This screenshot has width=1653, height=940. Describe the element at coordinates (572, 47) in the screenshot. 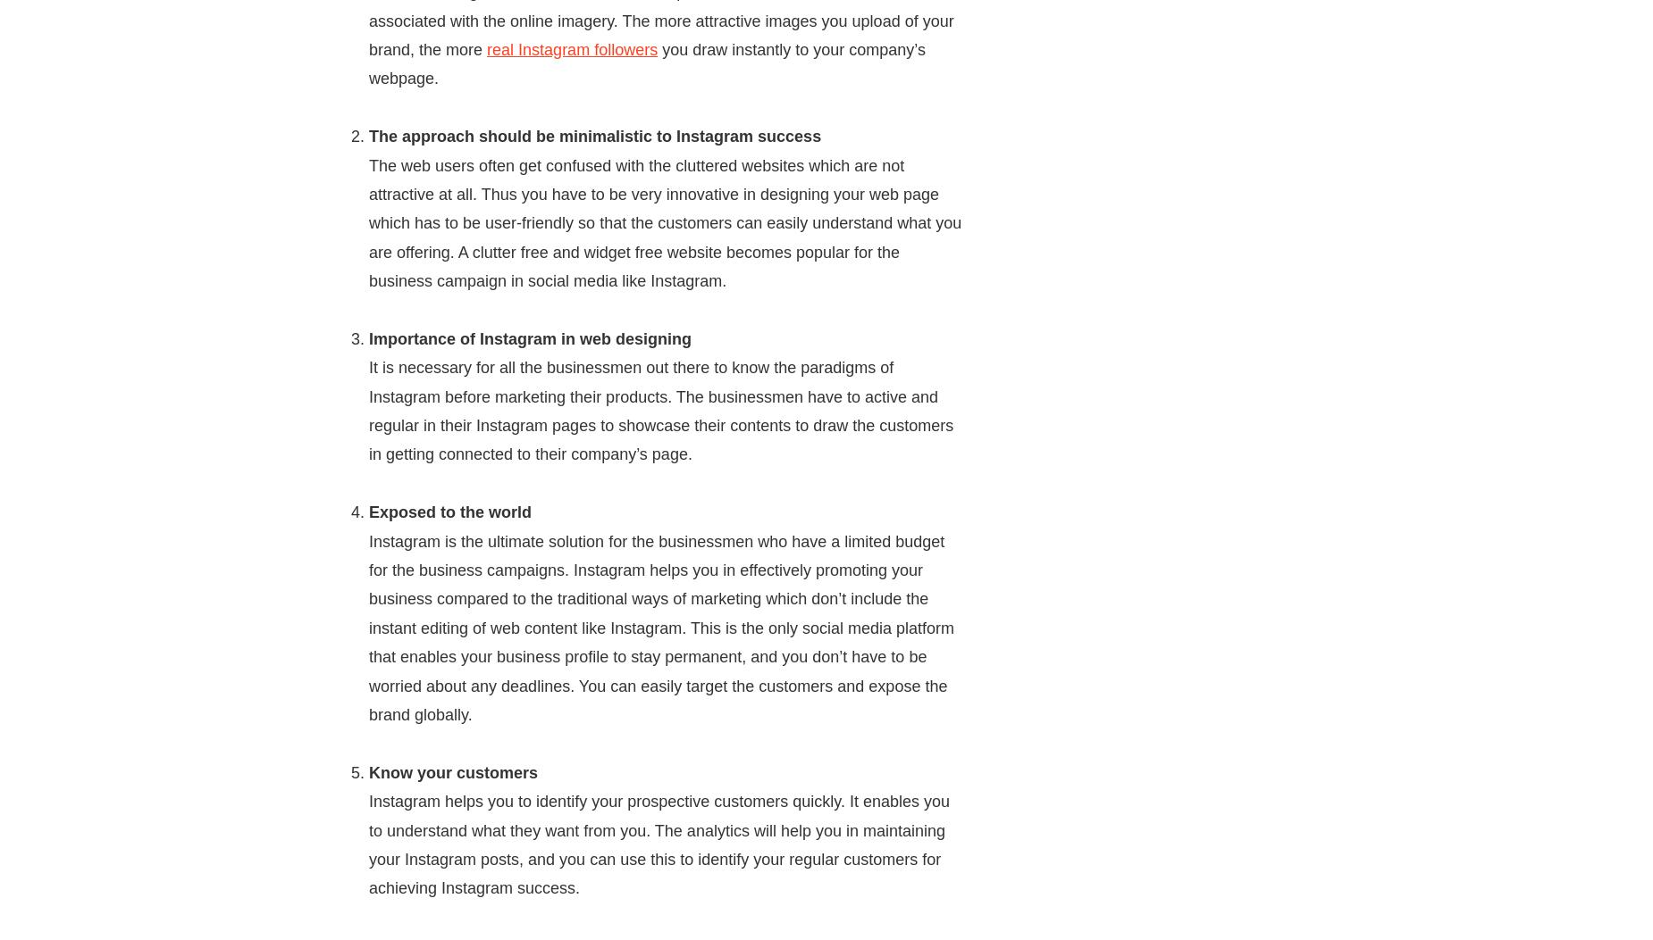

I see `'real Instagram followers'` at that location.